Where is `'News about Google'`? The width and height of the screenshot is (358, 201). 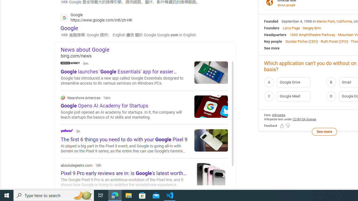
'News about Google' is located at coordinates (148, 49).